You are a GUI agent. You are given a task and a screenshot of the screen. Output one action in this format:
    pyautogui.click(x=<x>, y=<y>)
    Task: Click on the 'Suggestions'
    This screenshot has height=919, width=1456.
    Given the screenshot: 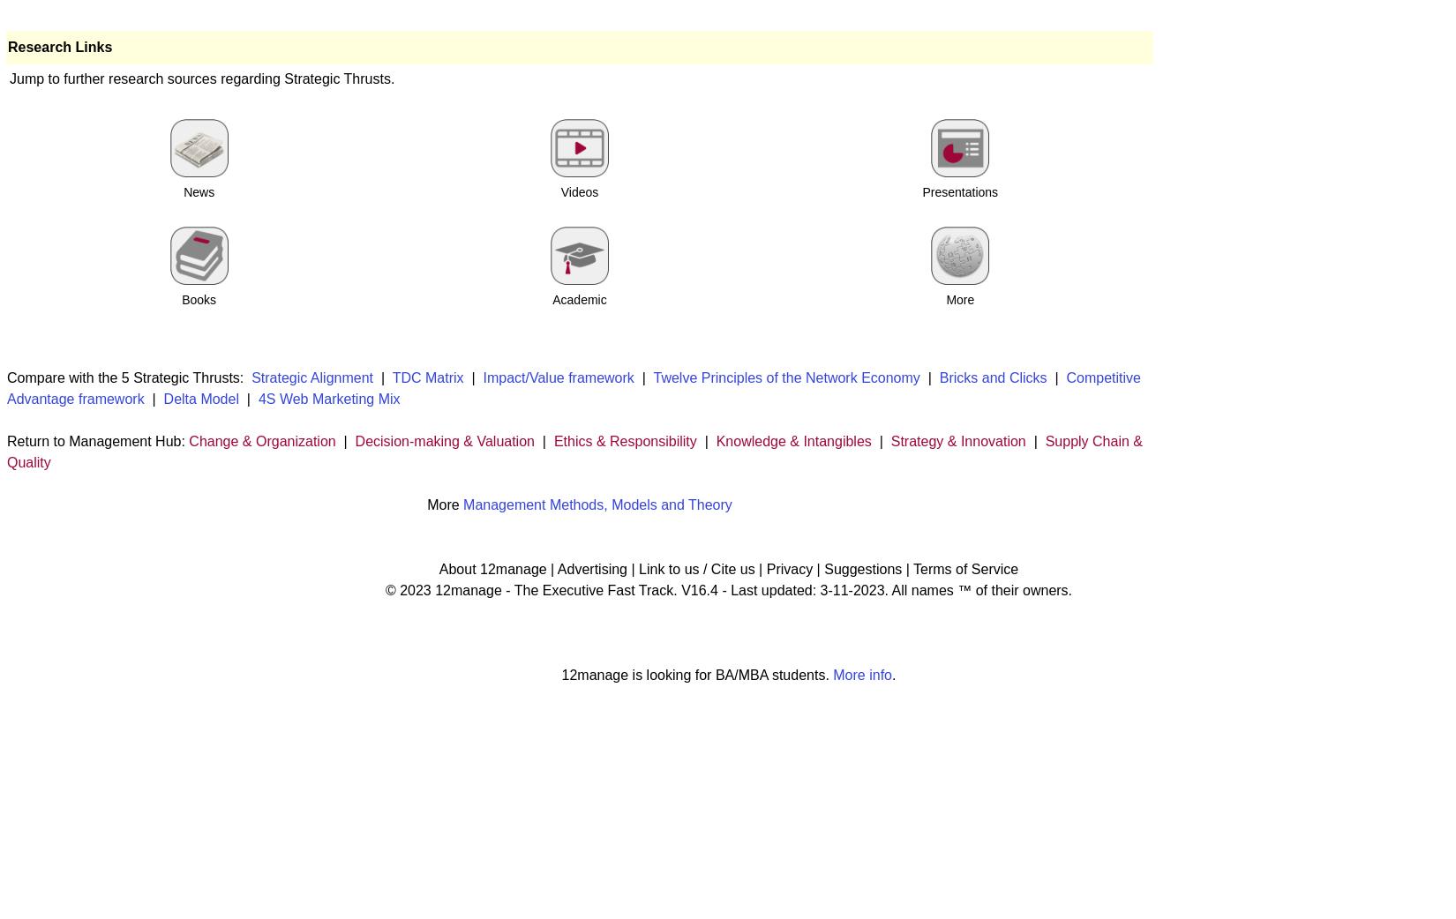 What is the action you would take?
    pyautogui.click(x=862, y=568)
    